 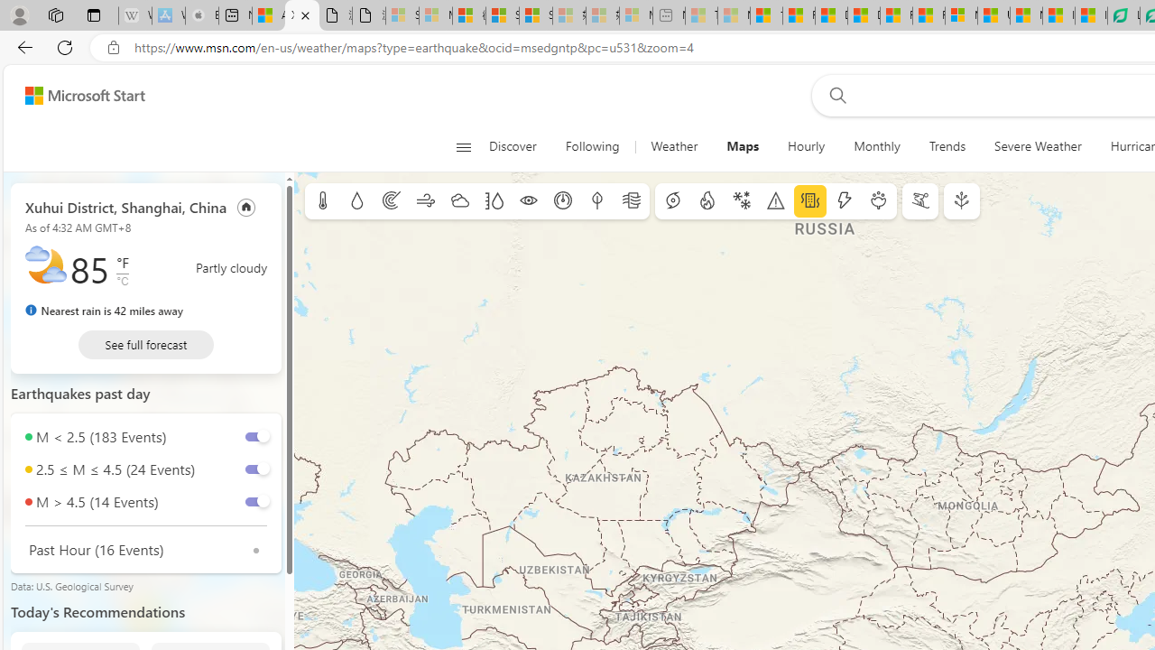 What do you see at coordinates (125, 206) in the screenshot?
I see `'Xuhui District, Shanghai, China'` at bounding box center [125, 206].